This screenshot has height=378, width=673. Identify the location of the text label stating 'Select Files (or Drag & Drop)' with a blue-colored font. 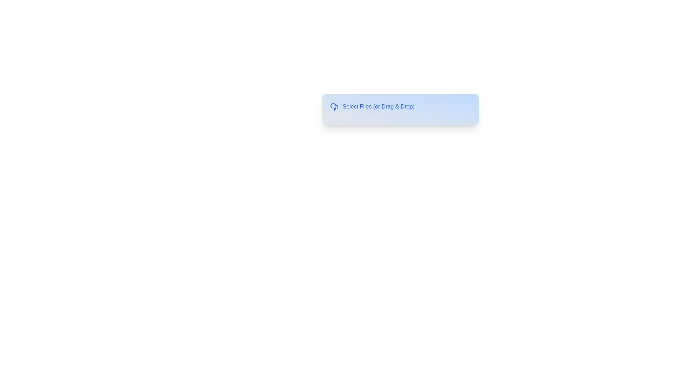
(378, 106).